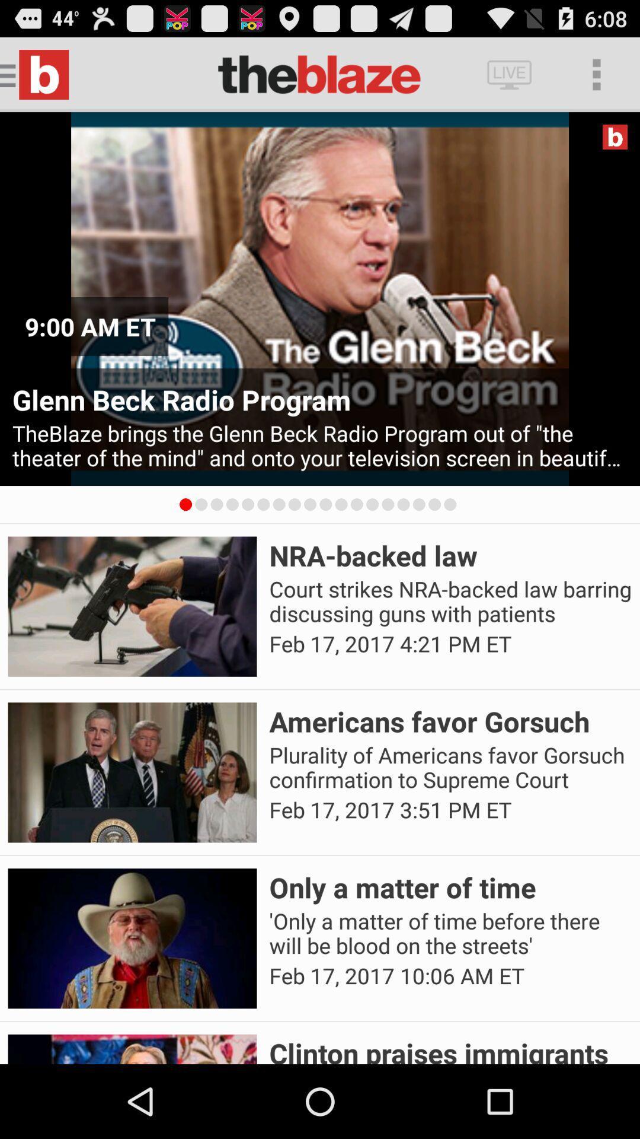 The width and height of the screenshot is (640, 1139). Describe the element at coordinates (320, 445) in the screenshot. I see `the theblaze brings the` at that location.